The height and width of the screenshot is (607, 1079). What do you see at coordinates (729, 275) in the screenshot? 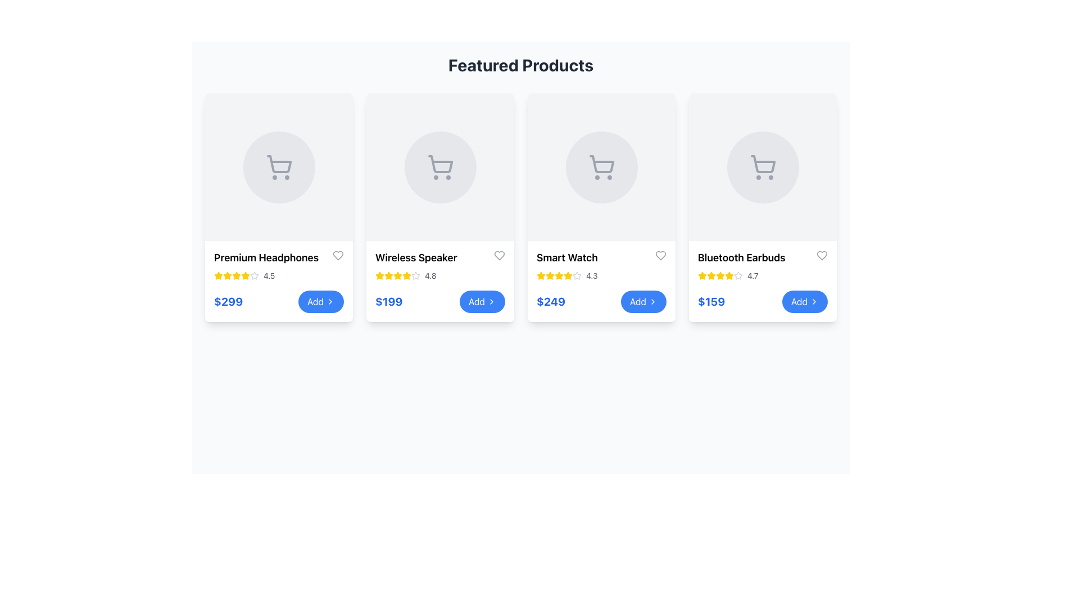
I see `the sixth star-shaped icon, which is a filled yellow star in the rating system for the product 'Bluetooth Earbuds' located in the fourth card of the 'Featured Products' layout` at bounding box center [729, 275].